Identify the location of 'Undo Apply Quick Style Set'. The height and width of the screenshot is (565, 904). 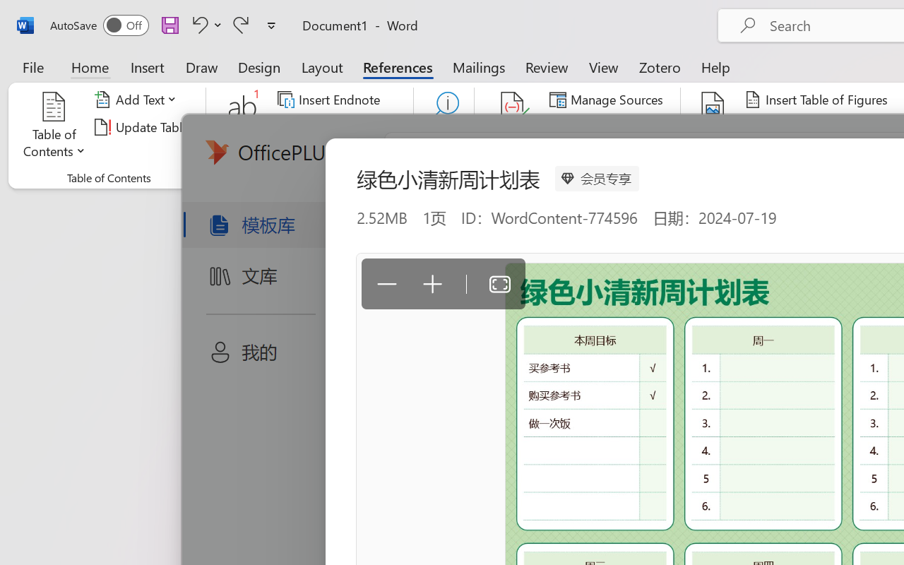
(197, 24).